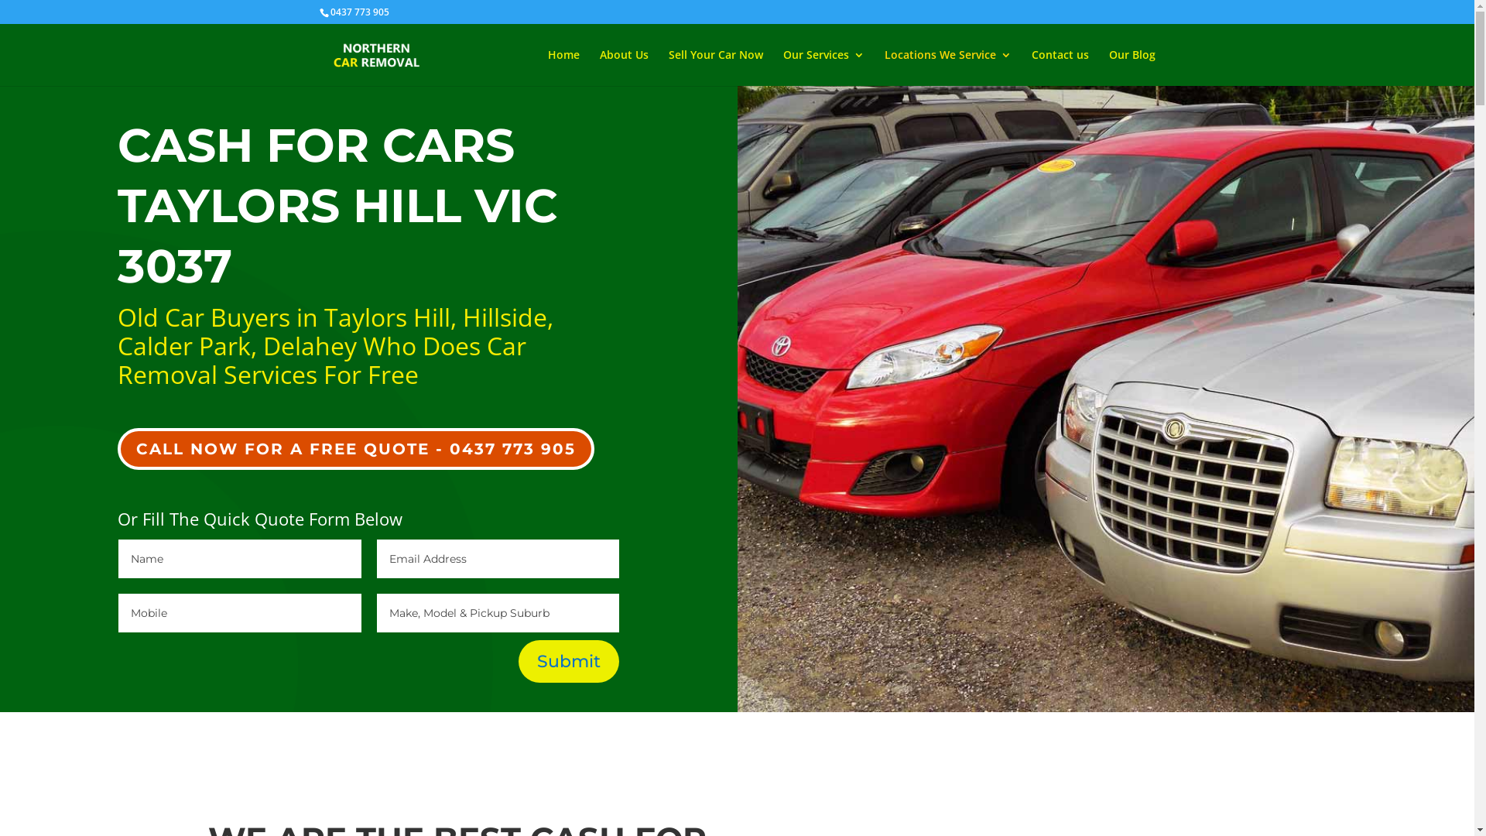  Describe the element at coordinates (715, 67) in the screenshot. I see `'Sell Your Car Now'` at that location.